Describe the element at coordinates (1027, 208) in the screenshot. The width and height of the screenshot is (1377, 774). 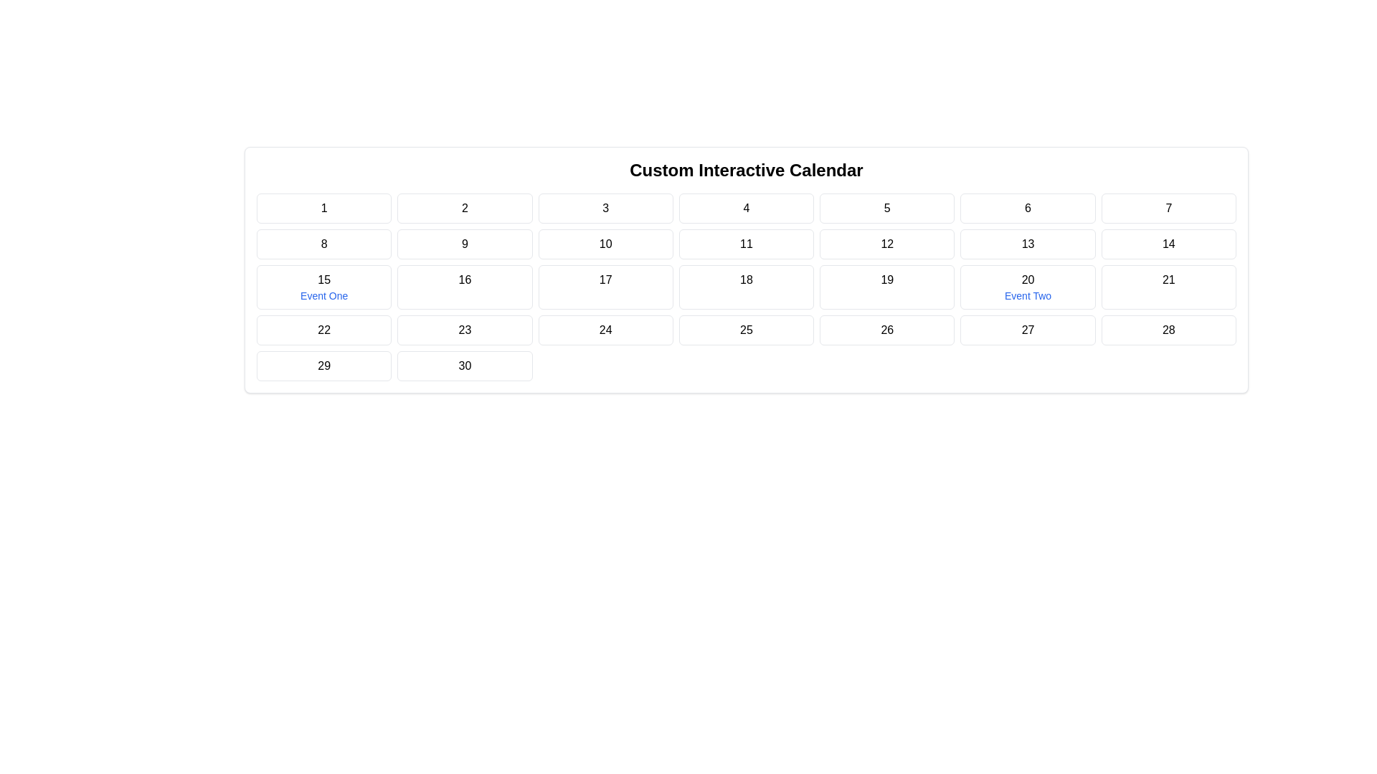
I see `the label element displaying the text '6', which is the sixth cell in the first row of a grid layout` at that location.